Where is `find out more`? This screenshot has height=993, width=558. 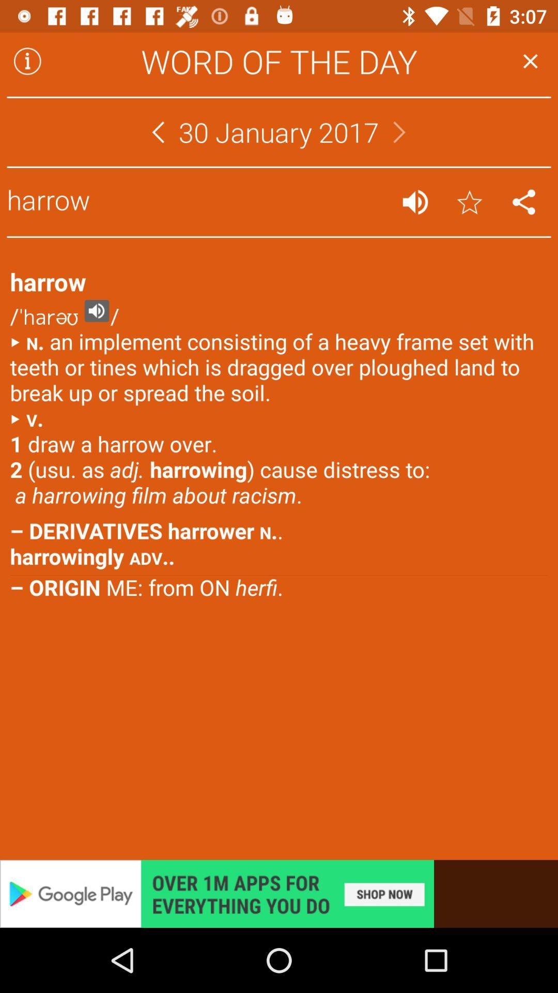
find out more is located at coordinates (279, 893).